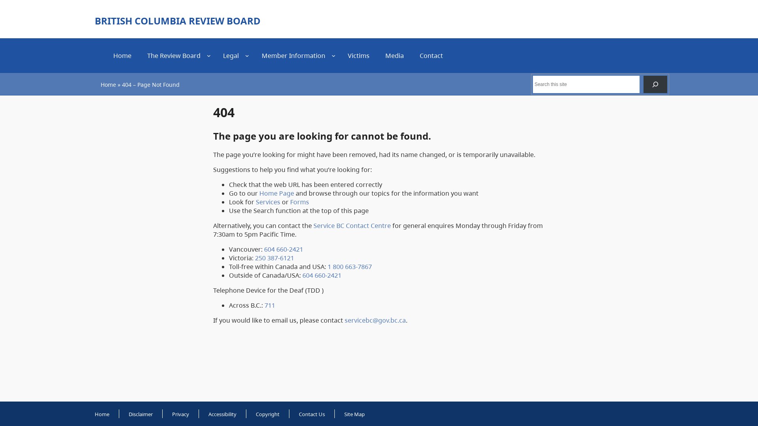 This screenshot has height=426, width=758. What do you see at coordinates (121, 55) in the screenshot?
I see `'Home'` at bounding box center [121, 55].